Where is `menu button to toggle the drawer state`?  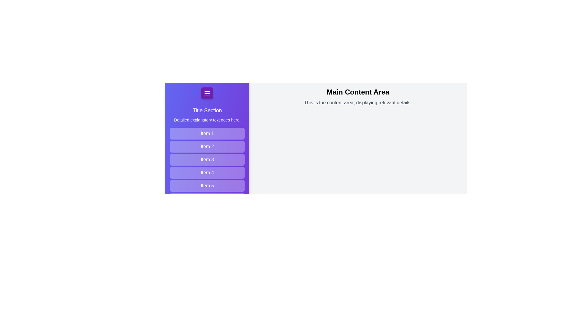 menu button to toggle the drawer state is located at coordinates (207, 93).